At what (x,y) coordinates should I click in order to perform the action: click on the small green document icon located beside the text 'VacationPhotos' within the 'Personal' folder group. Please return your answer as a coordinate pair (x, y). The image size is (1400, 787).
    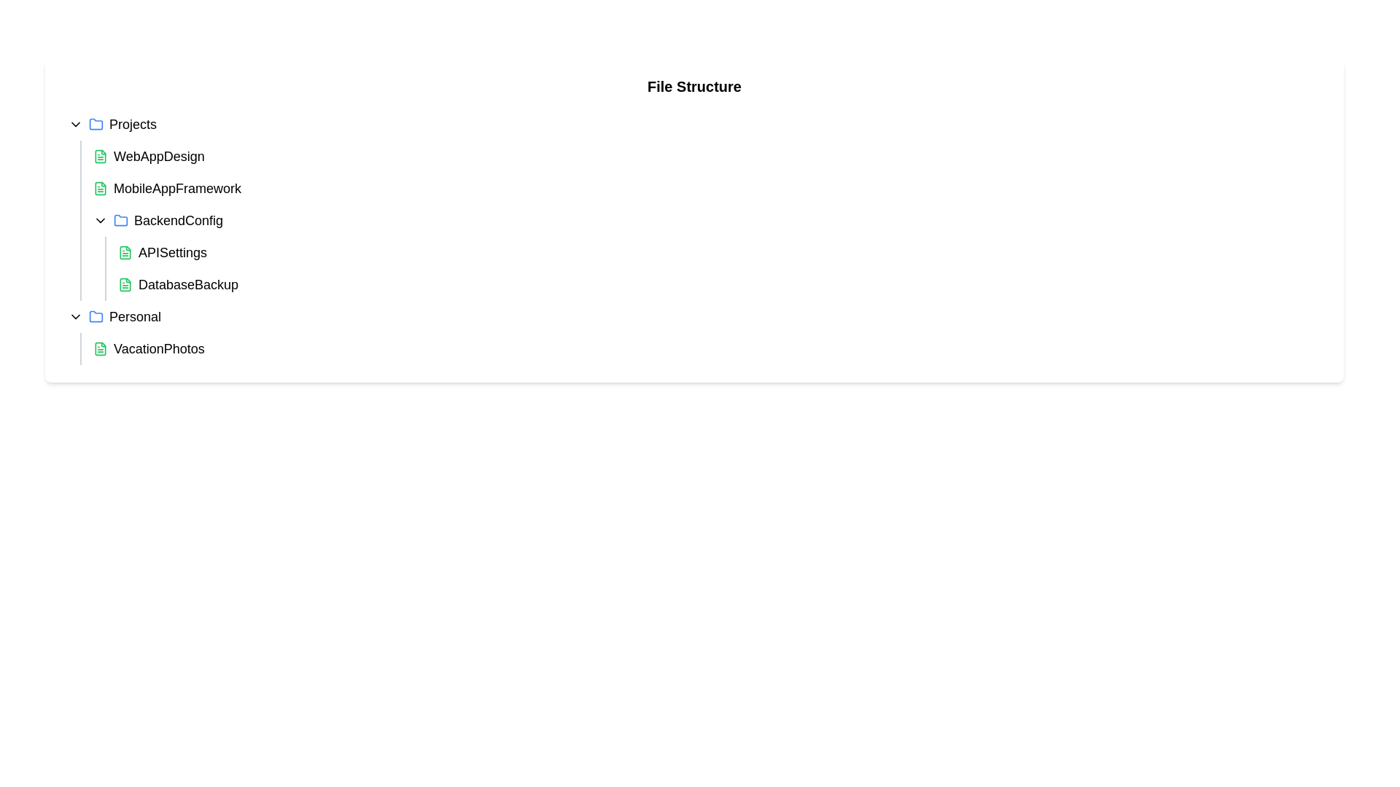
    Looking at the image, I should click on (100, 348).